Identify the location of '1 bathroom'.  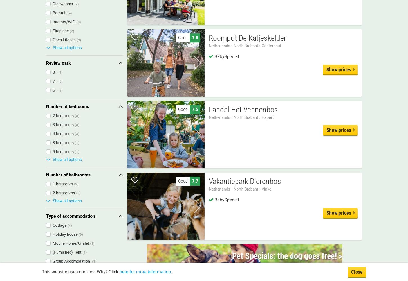
(62, 184).